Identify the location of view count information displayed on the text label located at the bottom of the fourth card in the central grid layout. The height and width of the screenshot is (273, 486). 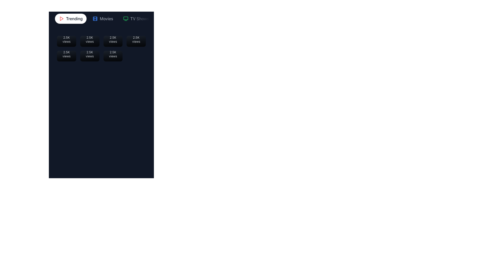
(136, 41).